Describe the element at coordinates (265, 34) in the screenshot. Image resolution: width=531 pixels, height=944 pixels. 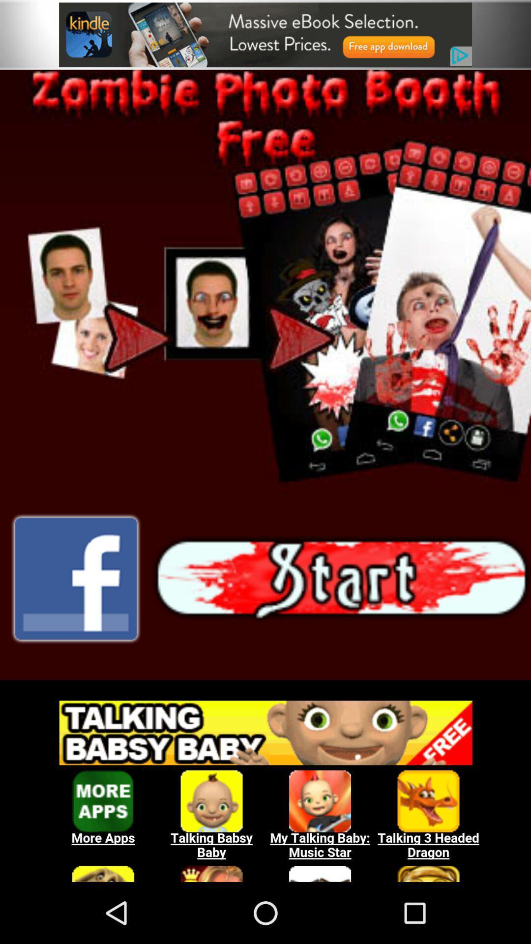
I see `advertisement link` at that location.